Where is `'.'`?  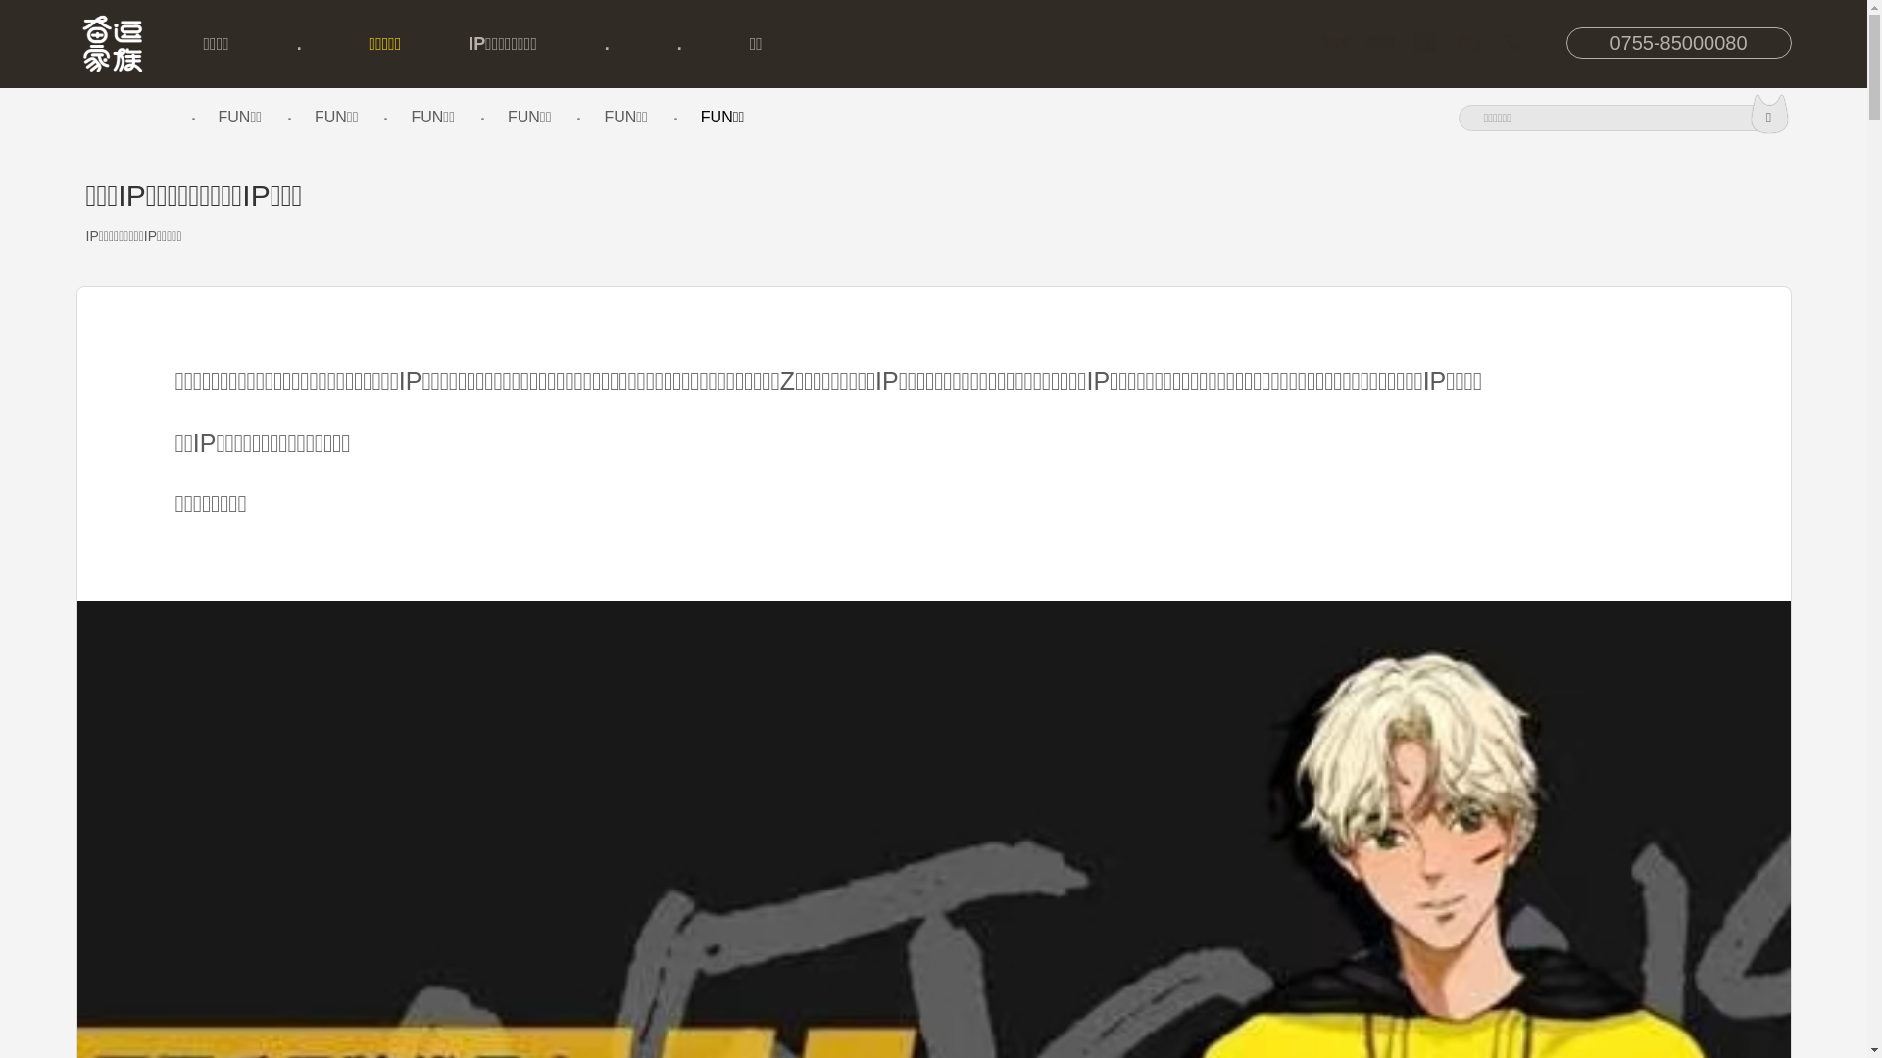 '.' is located at coordinates (295, 44).